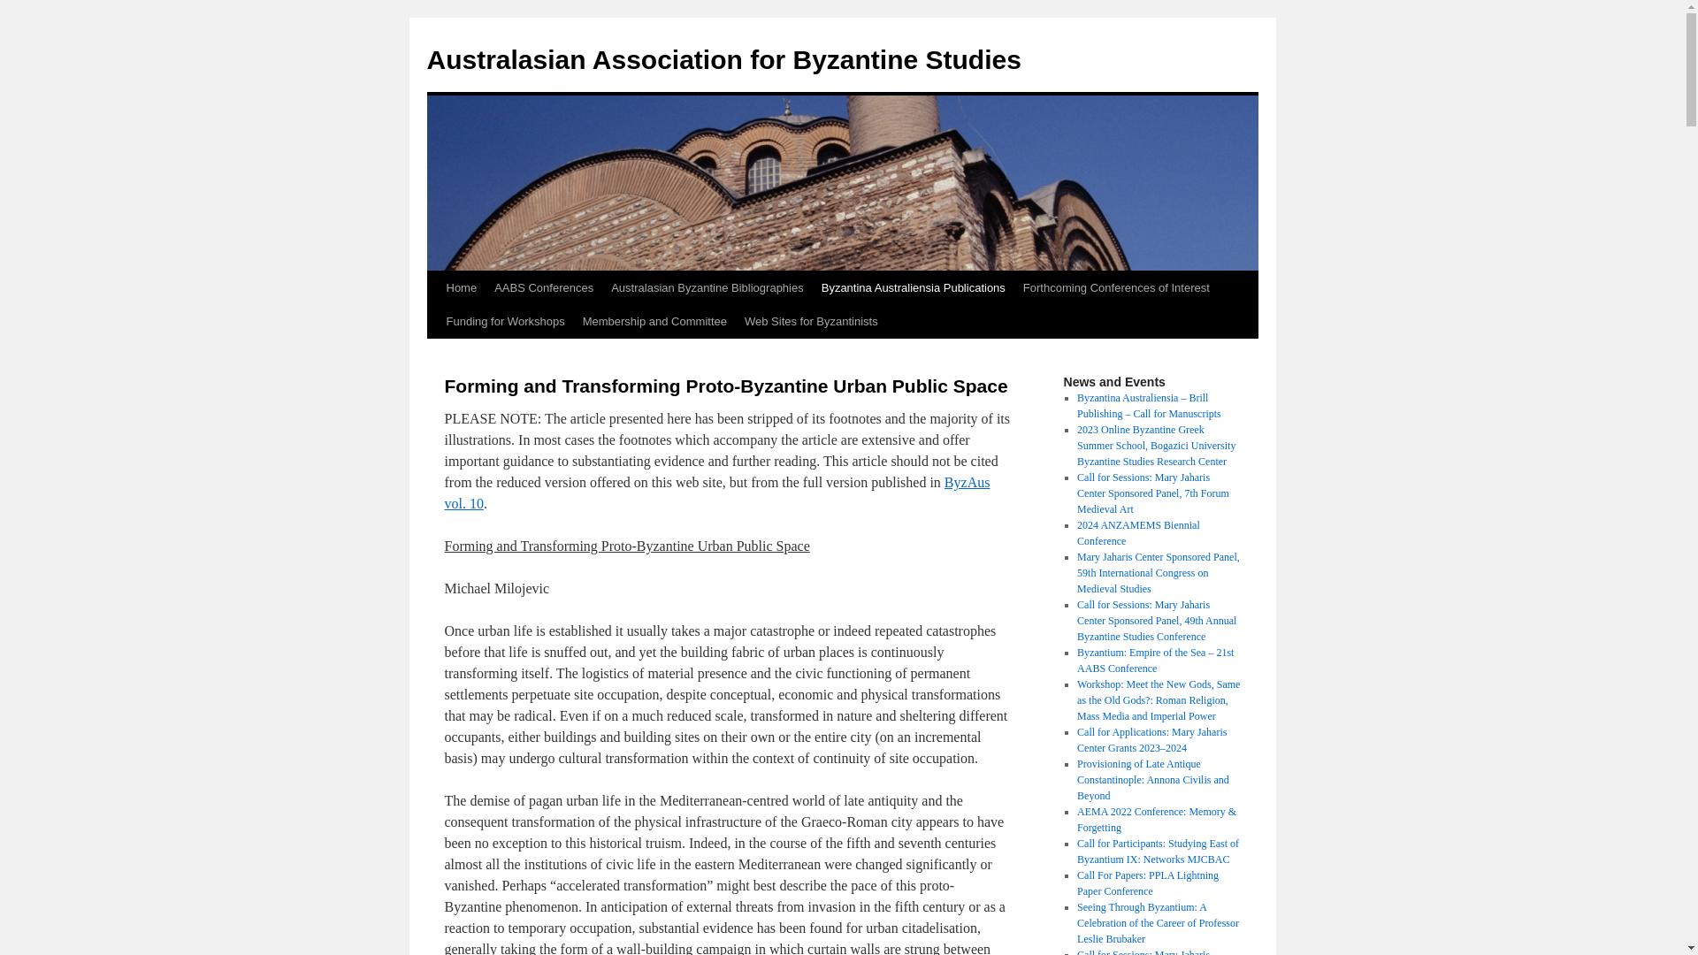  I want to click on 'Byzantina Australiensia Publications', so click(913, 287).